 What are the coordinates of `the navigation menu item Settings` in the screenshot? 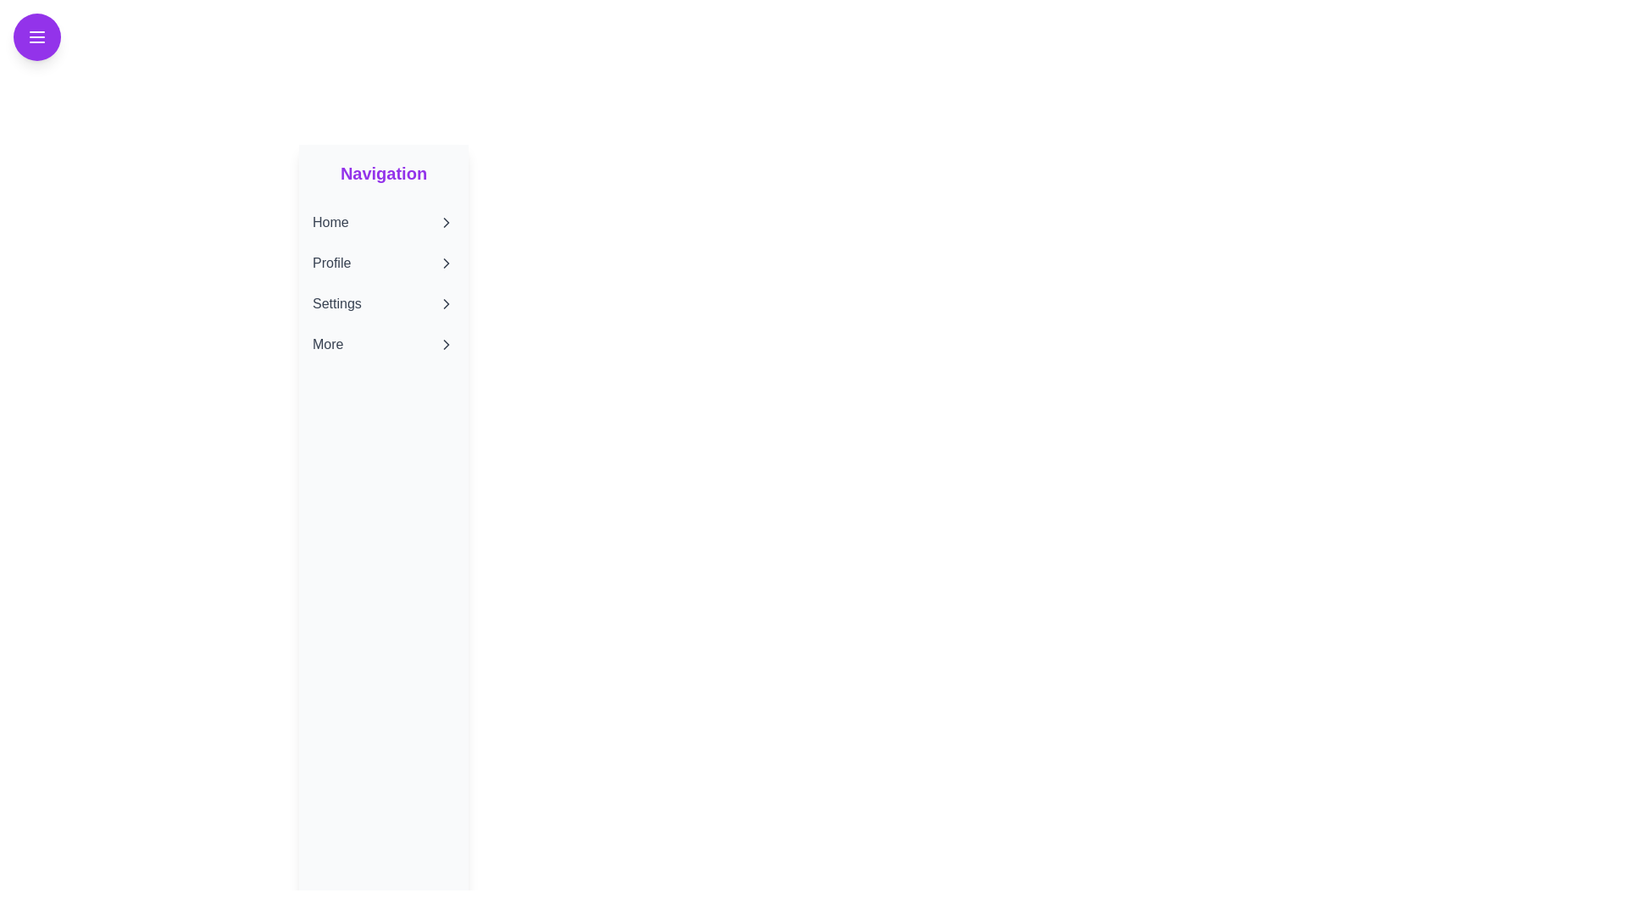 It's located at (382, 302).